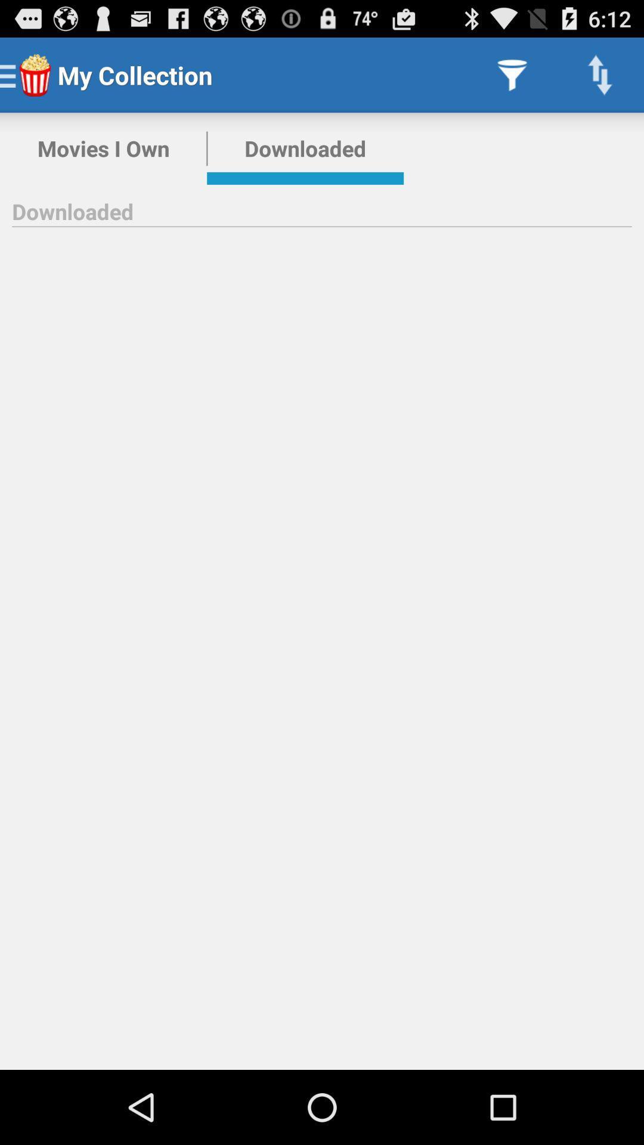 Image resolution: width=644 pixels, height=1145 pixels. Describe the element at coordinates (103, 148) in the screenshot. I see `the movies i own` at that location.